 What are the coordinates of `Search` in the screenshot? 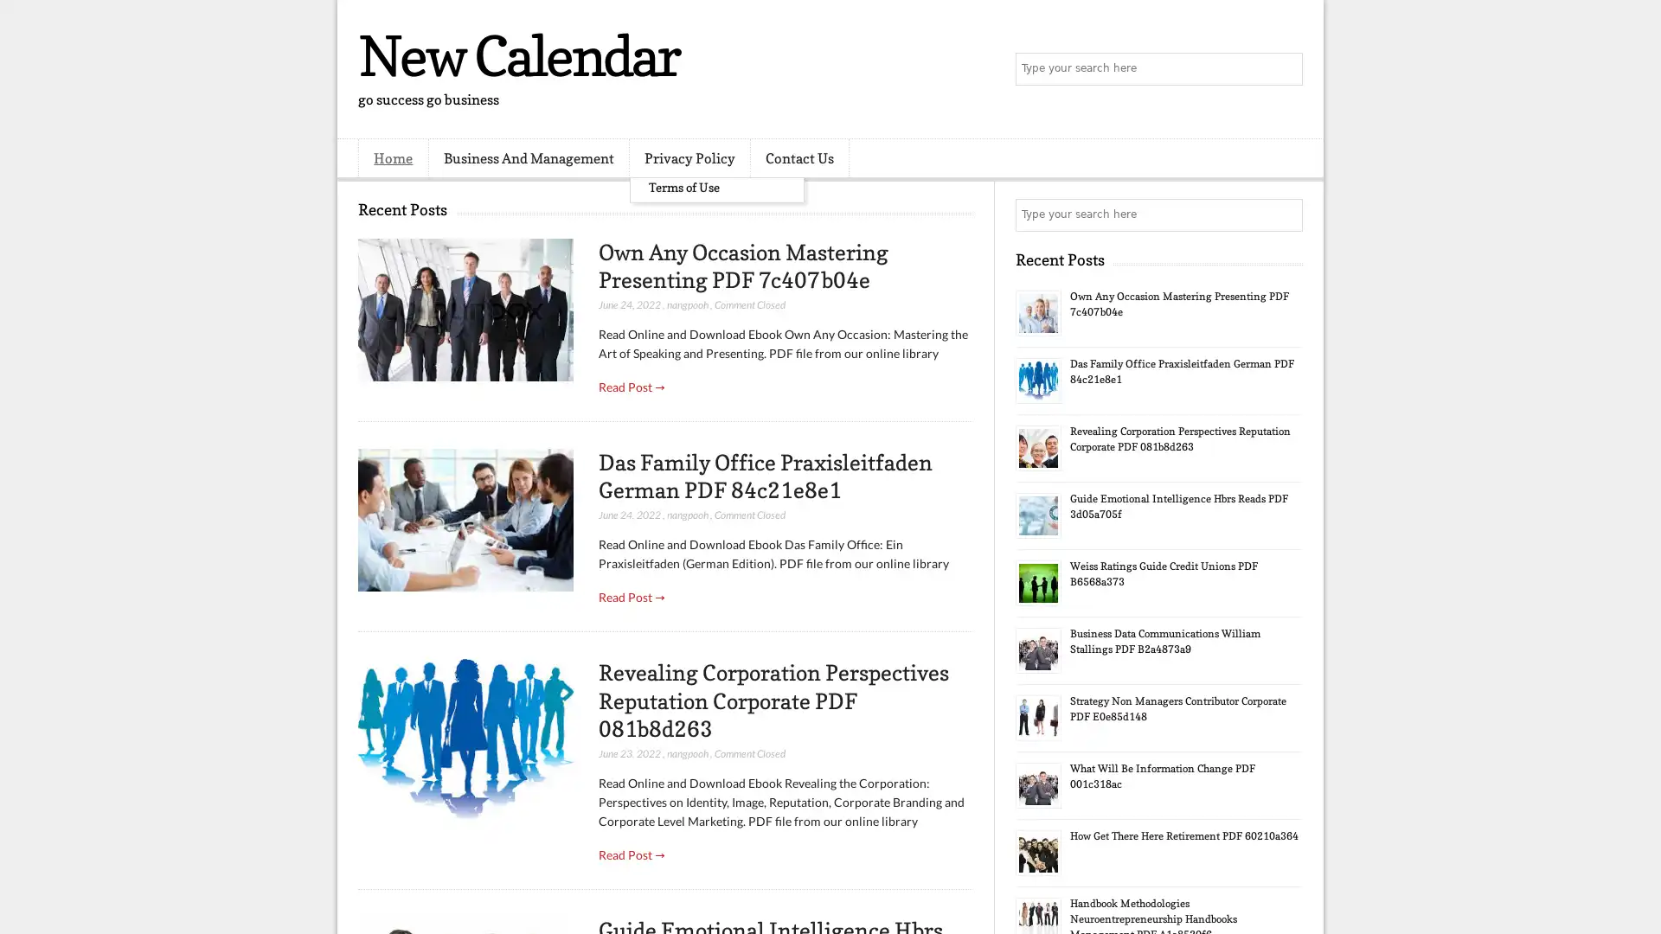 It's located at (1285, 214).